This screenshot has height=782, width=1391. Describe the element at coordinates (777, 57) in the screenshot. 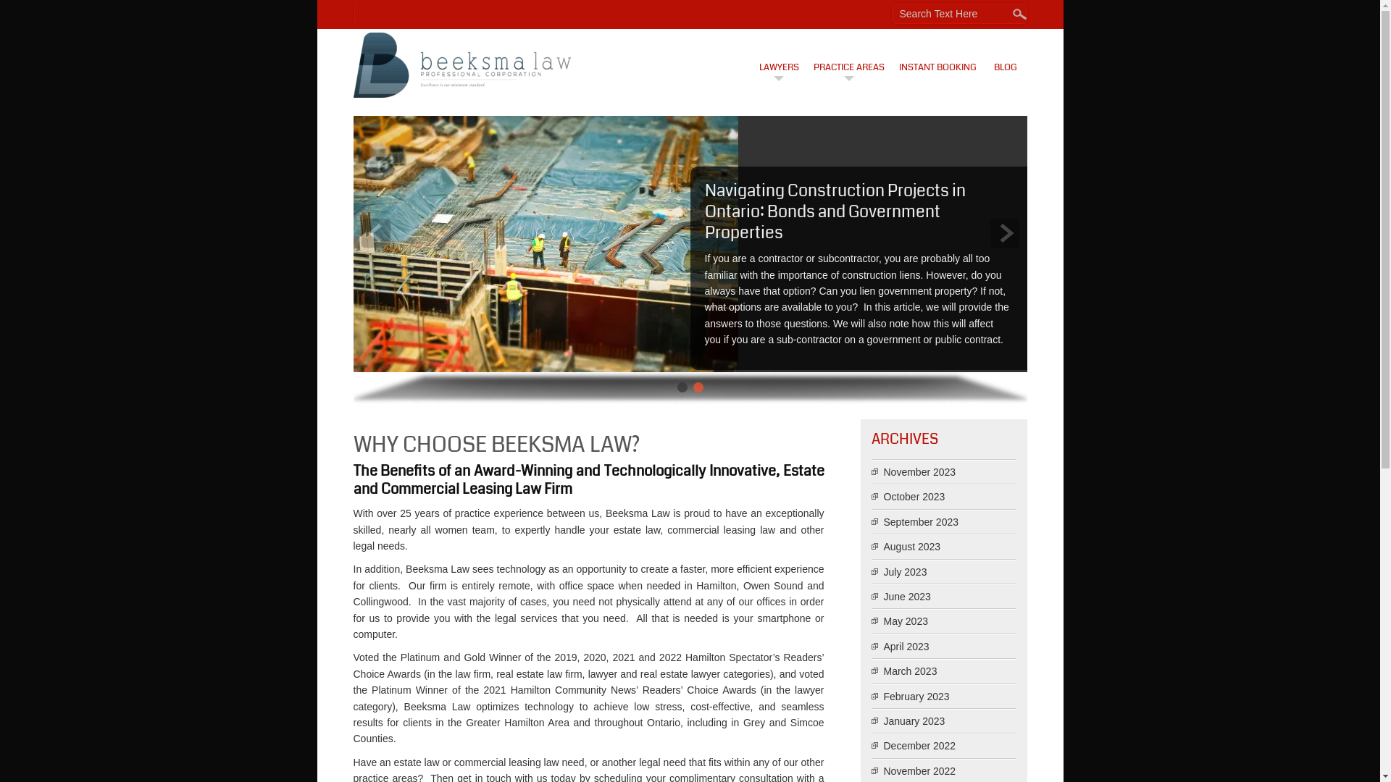

I see `'LAWYERS'` at that location.